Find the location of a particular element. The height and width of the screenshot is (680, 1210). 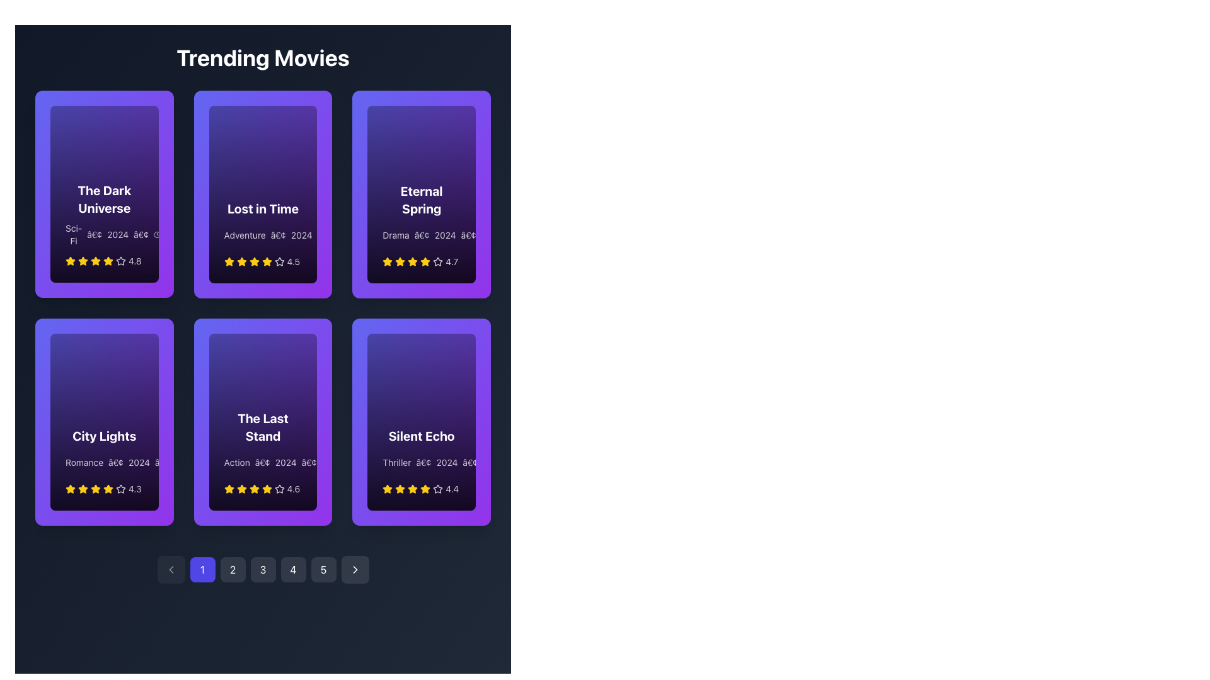

the text label set displaying 'Action', '•', and '2024', located at the bottom center of the movie card for 'The Last Stand' is located at coordinates (262, 463).